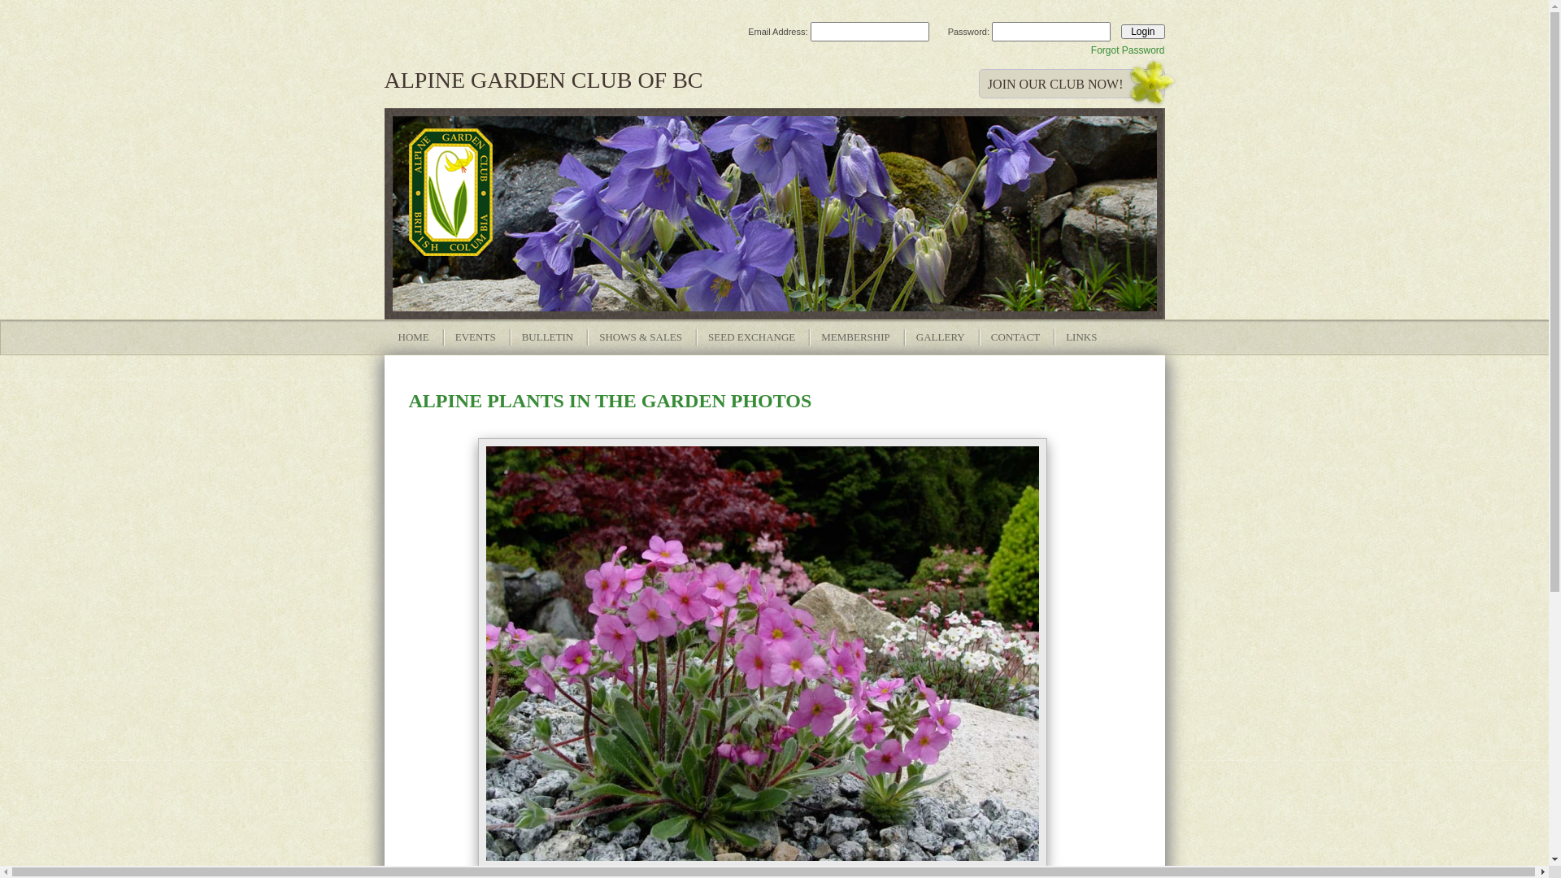  Describe the element at coordinates (639, 337) in the screenshot. I see `'SHOWS & SALES'` at that location.